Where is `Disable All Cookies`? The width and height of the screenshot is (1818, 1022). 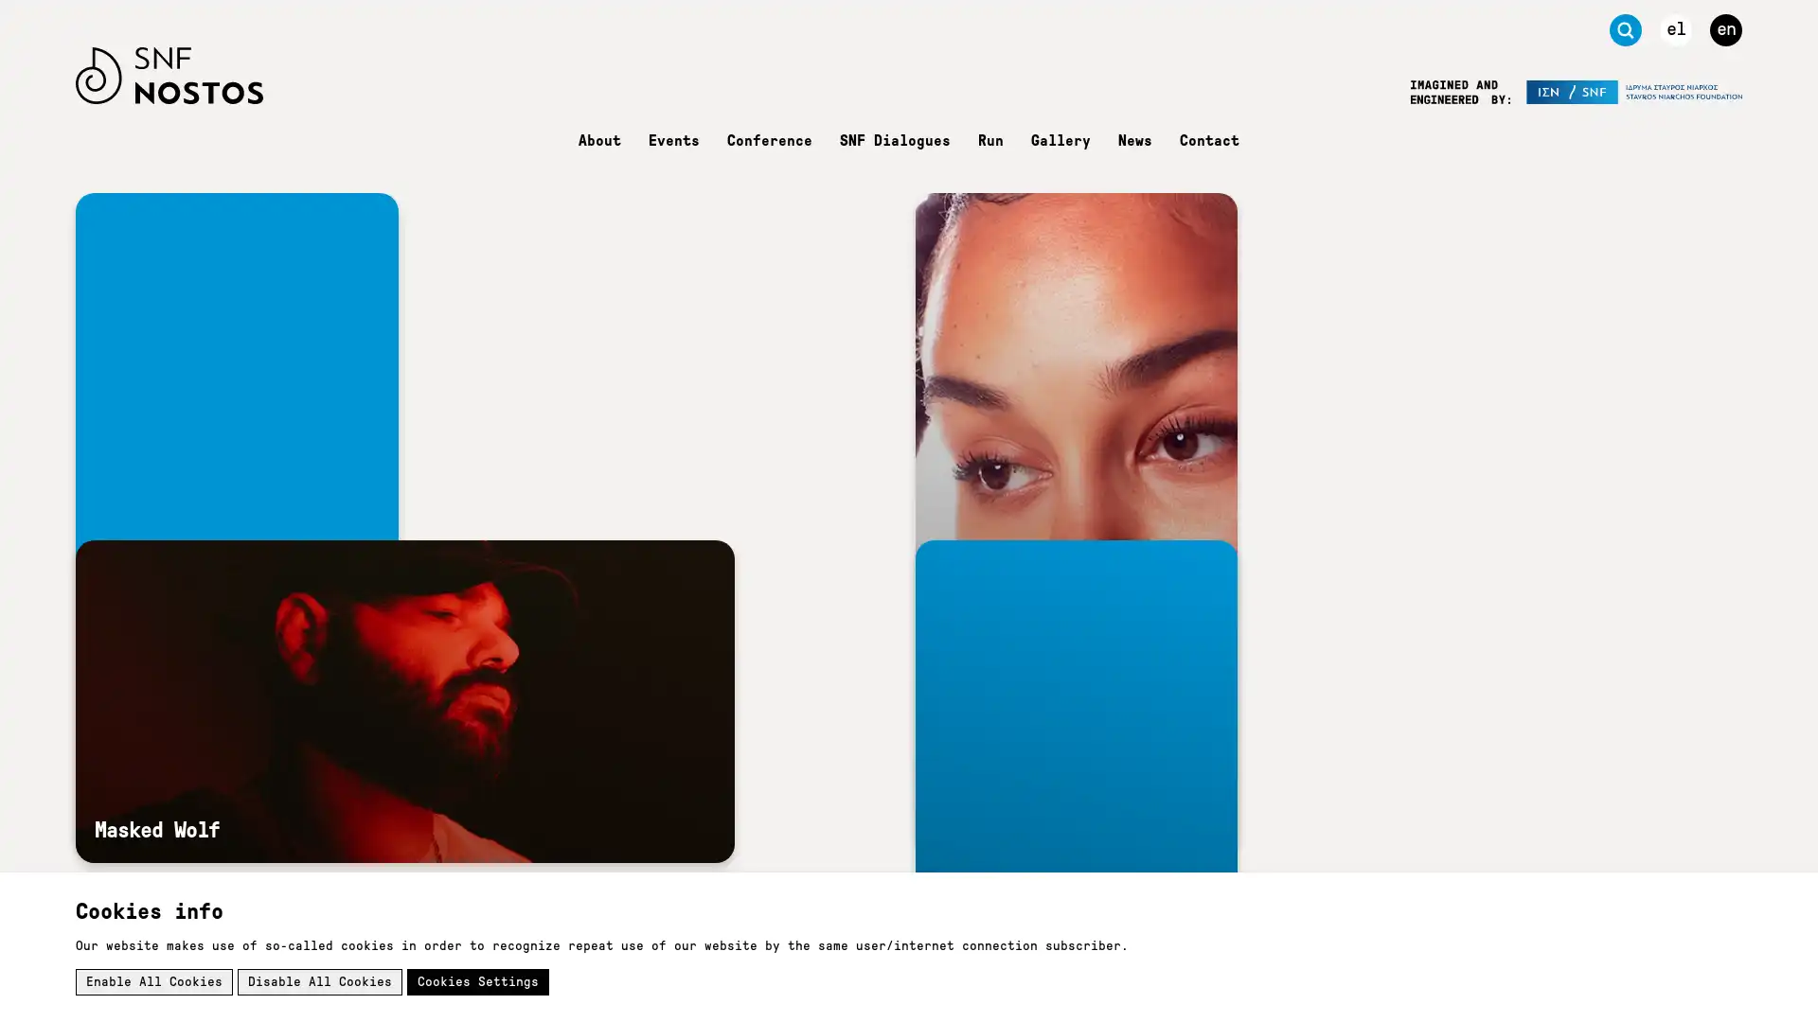 Disable All Cookies is located at coordinates (319, 980).